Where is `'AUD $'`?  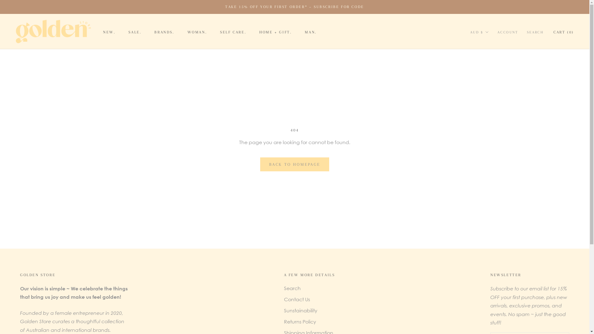
'AUD $' is located at coordinates (479, 32).